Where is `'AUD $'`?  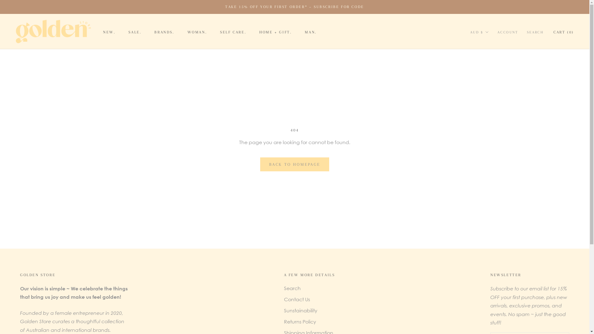
'AUD $' is located at coordinates (479, 32).